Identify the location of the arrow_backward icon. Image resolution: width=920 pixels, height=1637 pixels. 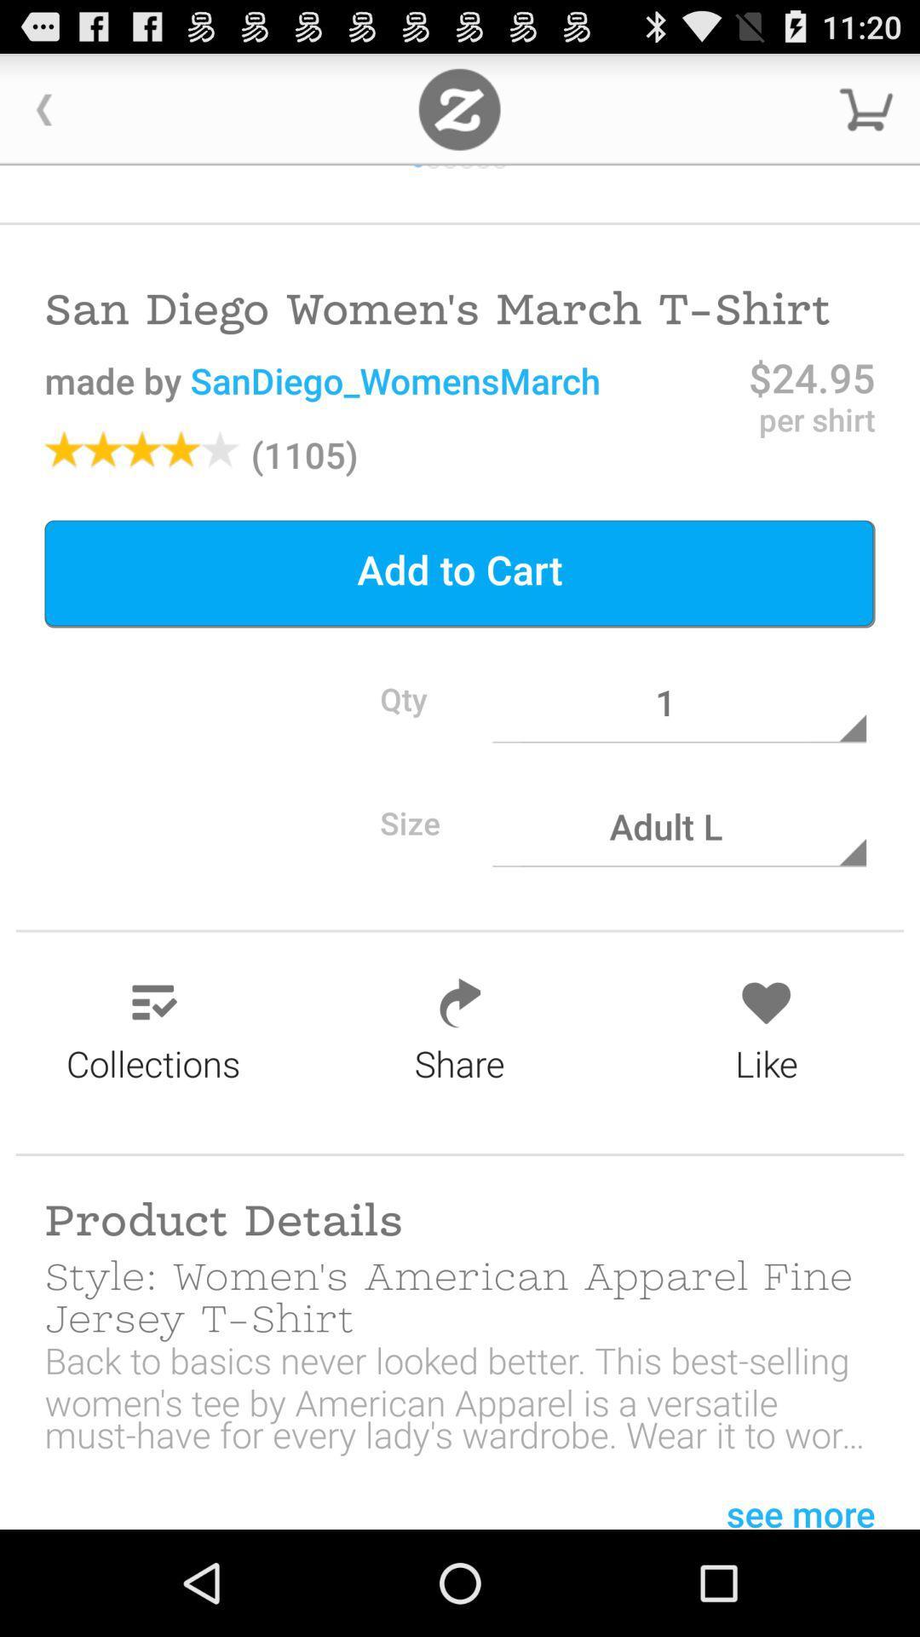
(43, 116).